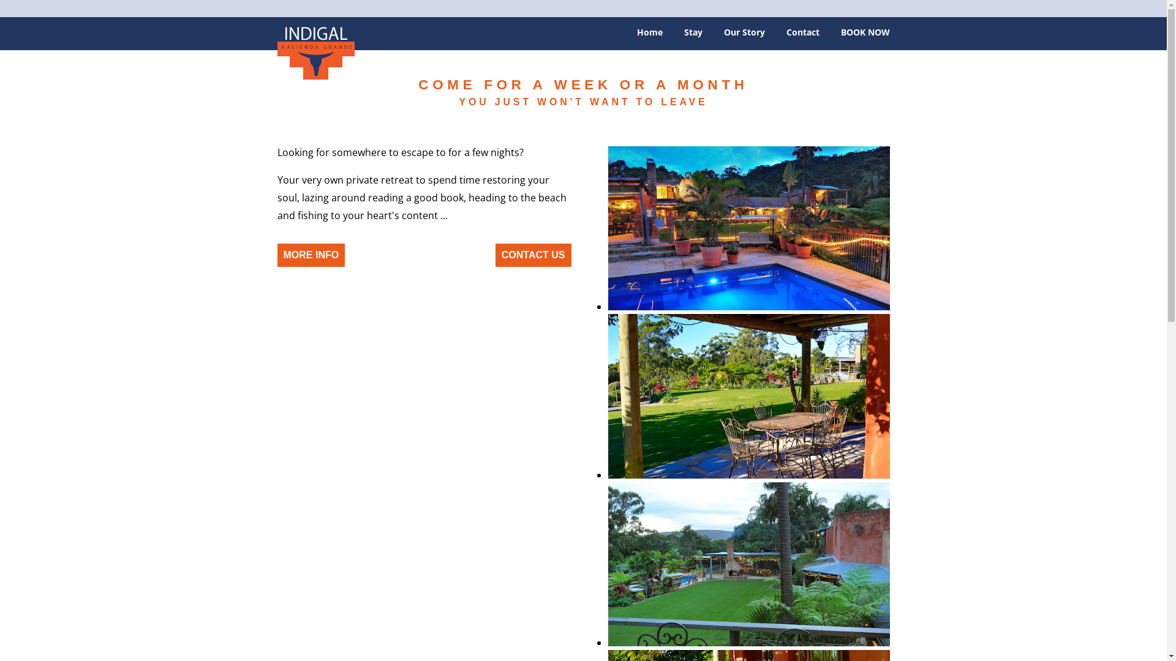  Describe the element at coordinates (693, 36) in the screenshot. I see `'Stay'` at that location.